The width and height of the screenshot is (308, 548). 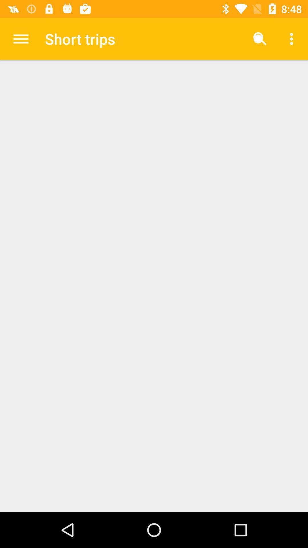 What do you see at coordinates (21, 39) in the screenshot?
I see `item to the left of the short trips icon` at bounding box center [21, 39].